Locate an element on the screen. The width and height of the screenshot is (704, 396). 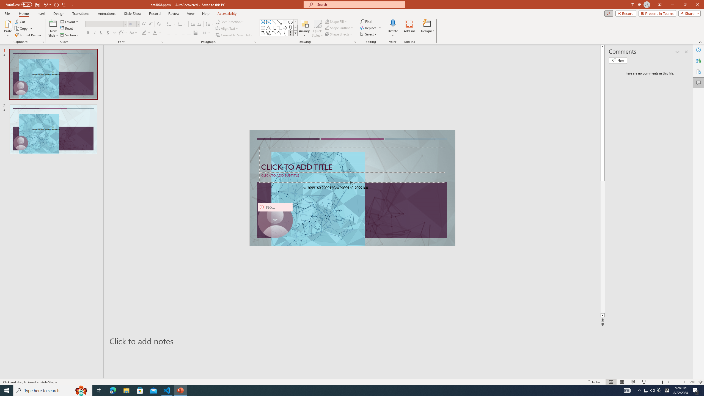
'New Slide' is located at coordinates (53, 28).